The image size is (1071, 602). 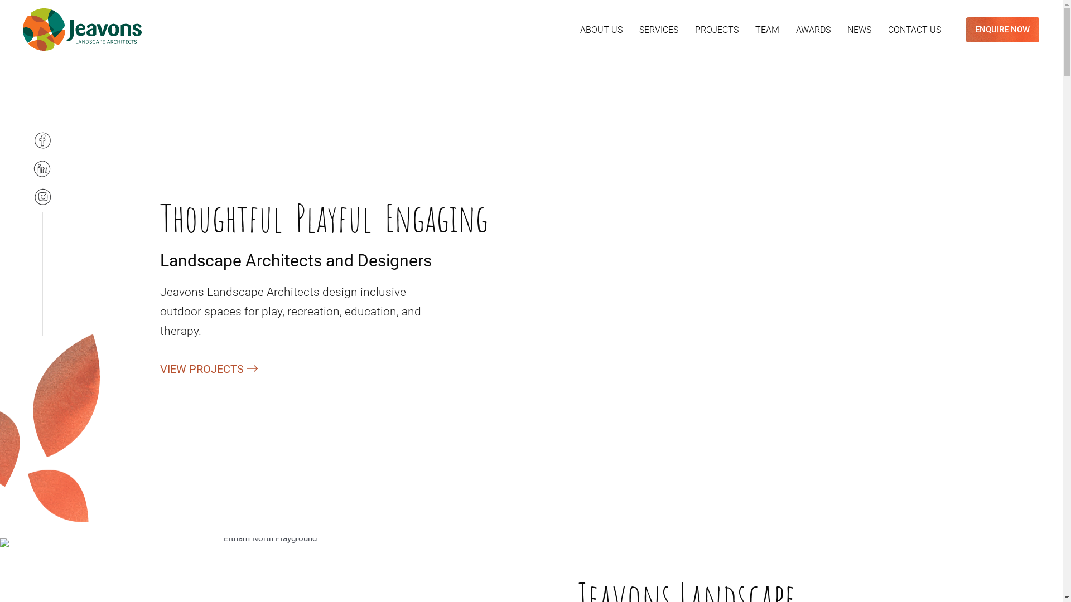 What do you see at coordinates (879, 29) in the screenshot?
I see `'CONTACT US'` at bounding box center [879, 29].